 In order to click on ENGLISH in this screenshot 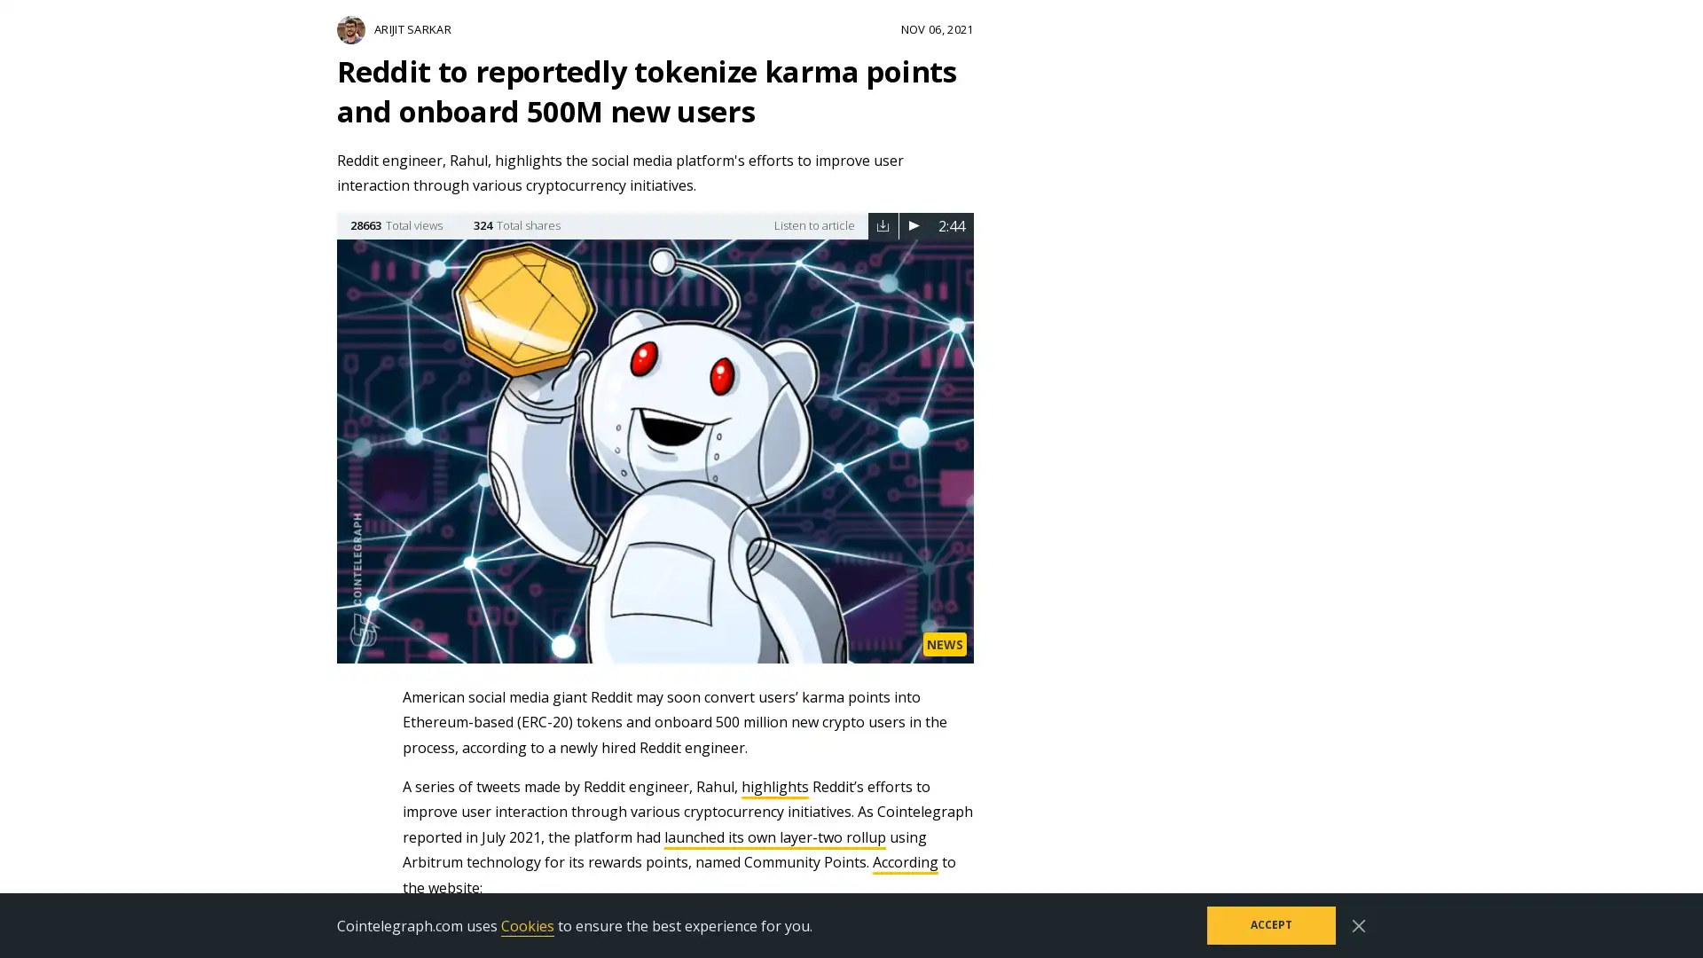, I will do `click(1336, 28)`.